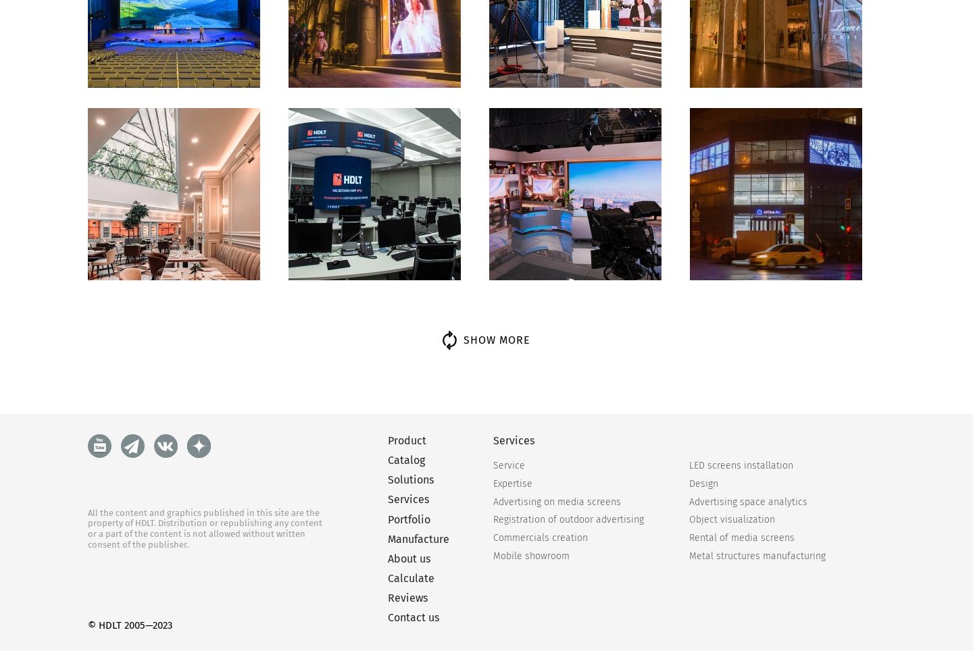 Image resolution: width=973 pixels, height=651 pixels. Describe the element at coordinates (114, 489) in the screenshot. I see `'Choose screen type'` at that location.